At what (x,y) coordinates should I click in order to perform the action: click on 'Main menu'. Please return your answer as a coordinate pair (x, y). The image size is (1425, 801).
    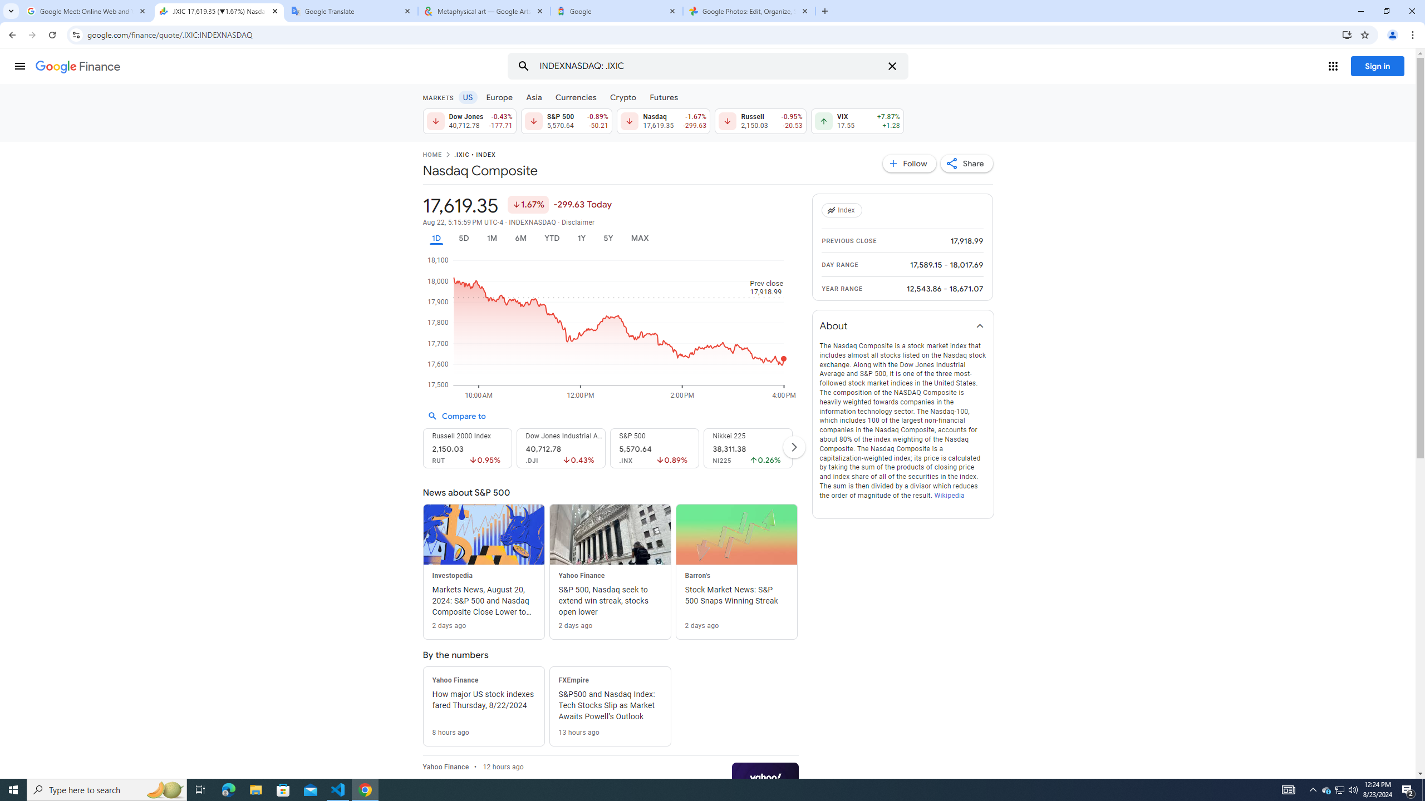
    Looking at the image, I should click on (19, 66).